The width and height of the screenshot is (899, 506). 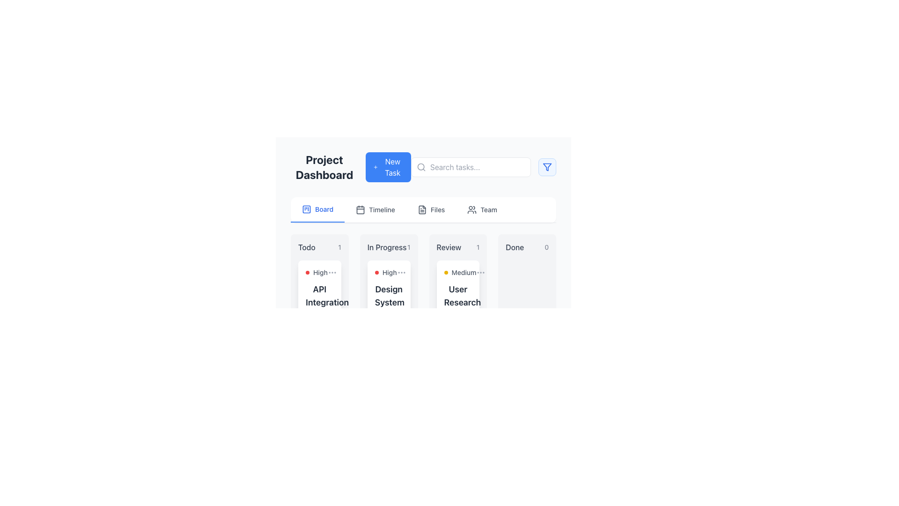 I want to click on the 'Board' icon in the navigation bar, so click(x=306, y=209).